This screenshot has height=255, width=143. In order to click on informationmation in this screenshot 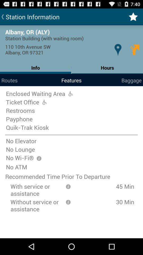, I will do `click(68, 186)`.